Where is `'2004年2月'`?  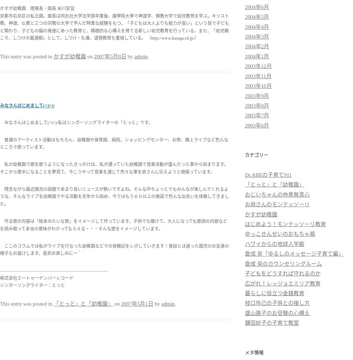 '2004年2月' is located at coordinates (245, 46).